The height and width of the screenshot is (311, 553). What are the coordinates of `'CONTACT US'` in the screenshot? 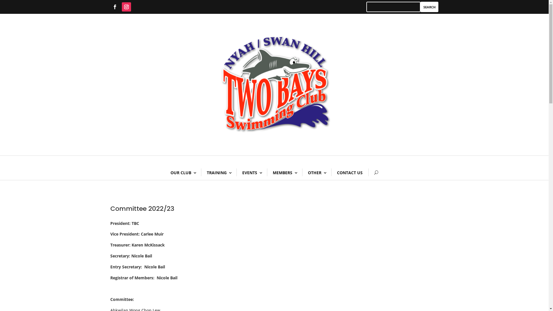 It's located at (349, 172).